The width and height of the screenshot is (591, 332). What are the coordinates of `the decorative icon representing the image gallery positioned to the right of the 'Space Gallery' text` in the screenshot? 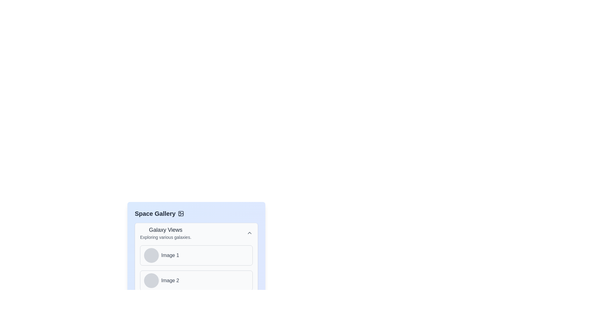 It's located at (181, 213).